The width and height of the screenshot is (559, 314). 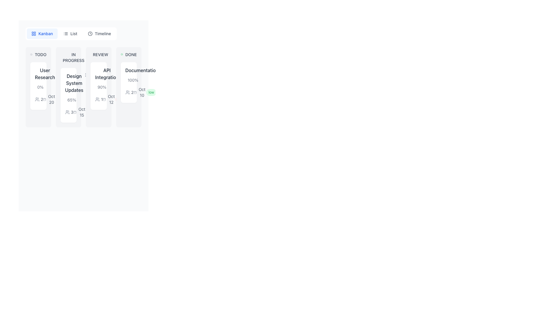 I want to click on the static text label displaying the completion percentage of the associated task, located in the 'IN PROGRESS' section under 'Design System Updates', so click(x=71, y=99).